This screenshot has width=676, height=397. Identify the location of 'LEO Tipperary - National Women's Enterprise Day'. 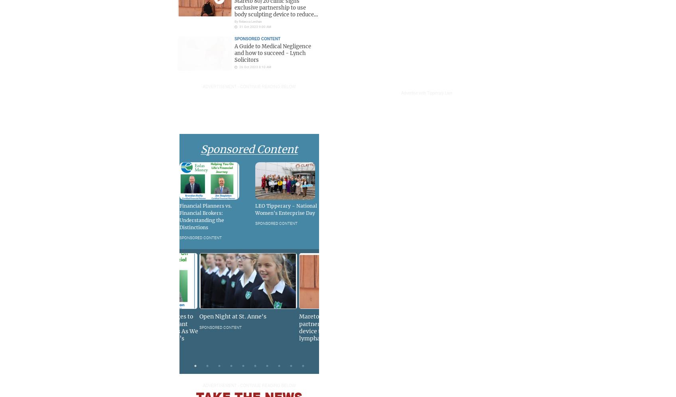
(286, 209).